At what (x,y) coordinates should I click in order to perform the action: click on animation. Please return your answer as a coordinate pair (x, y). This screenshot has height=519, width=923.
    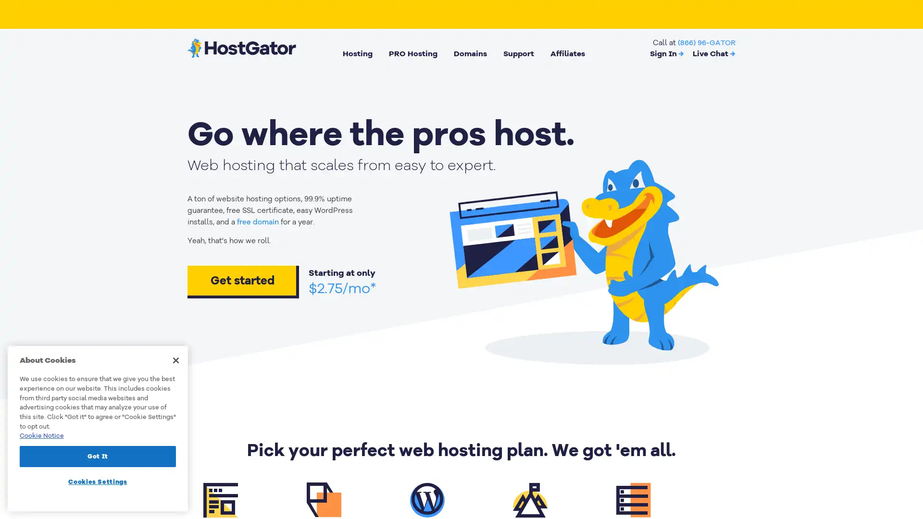
    Looking at the image, I should click on (583, 258).